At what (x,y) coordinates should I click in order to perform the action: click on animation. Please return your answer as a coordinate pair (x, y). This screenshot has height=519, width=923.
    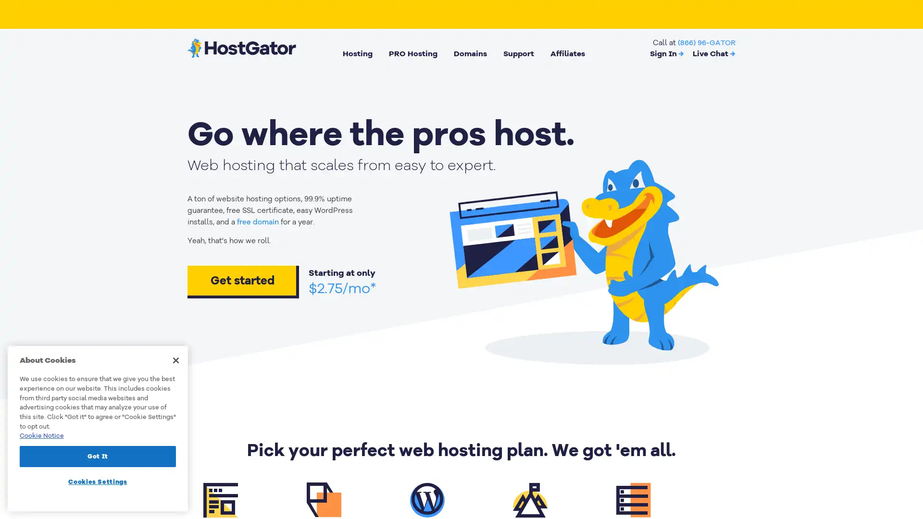
    Looking at the image, I should click on (583, 258).